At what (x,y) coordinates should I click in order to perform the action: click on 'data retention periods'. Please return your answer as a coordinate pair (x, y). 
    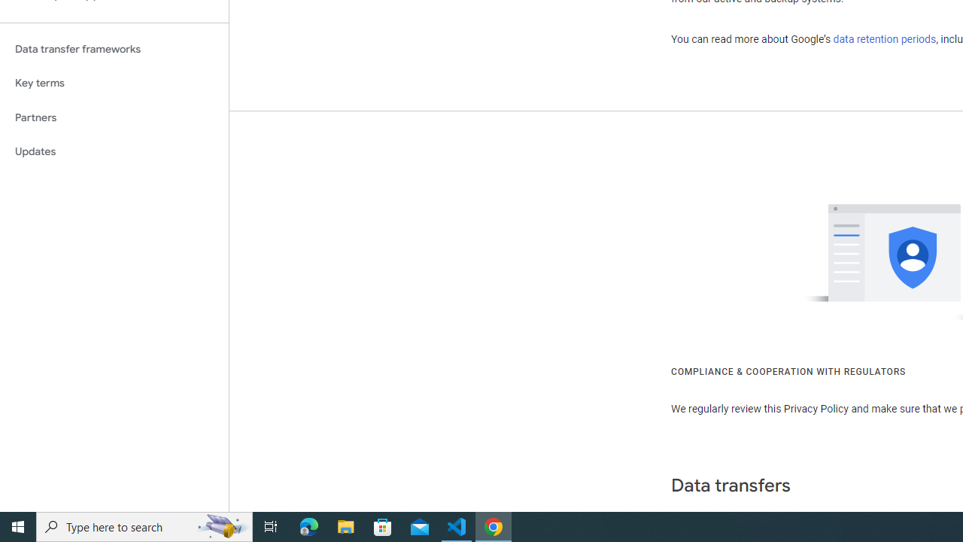
    Looking at the image, I should click on (885, 38).